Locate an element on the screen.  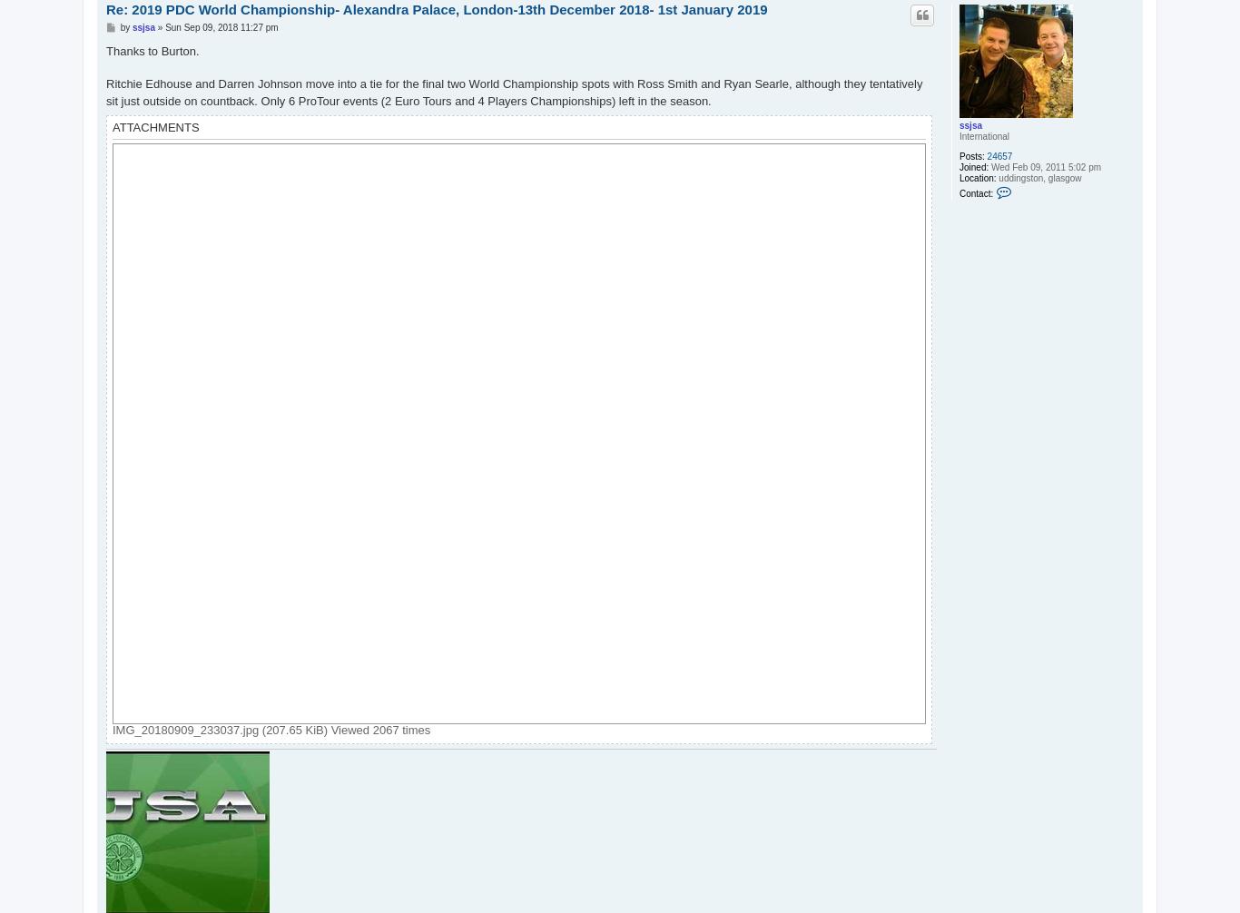
'IMG_20180909_233037.jpg (207.65 KiB) Viewed 2067 times' is located at coordinates (271, 728).